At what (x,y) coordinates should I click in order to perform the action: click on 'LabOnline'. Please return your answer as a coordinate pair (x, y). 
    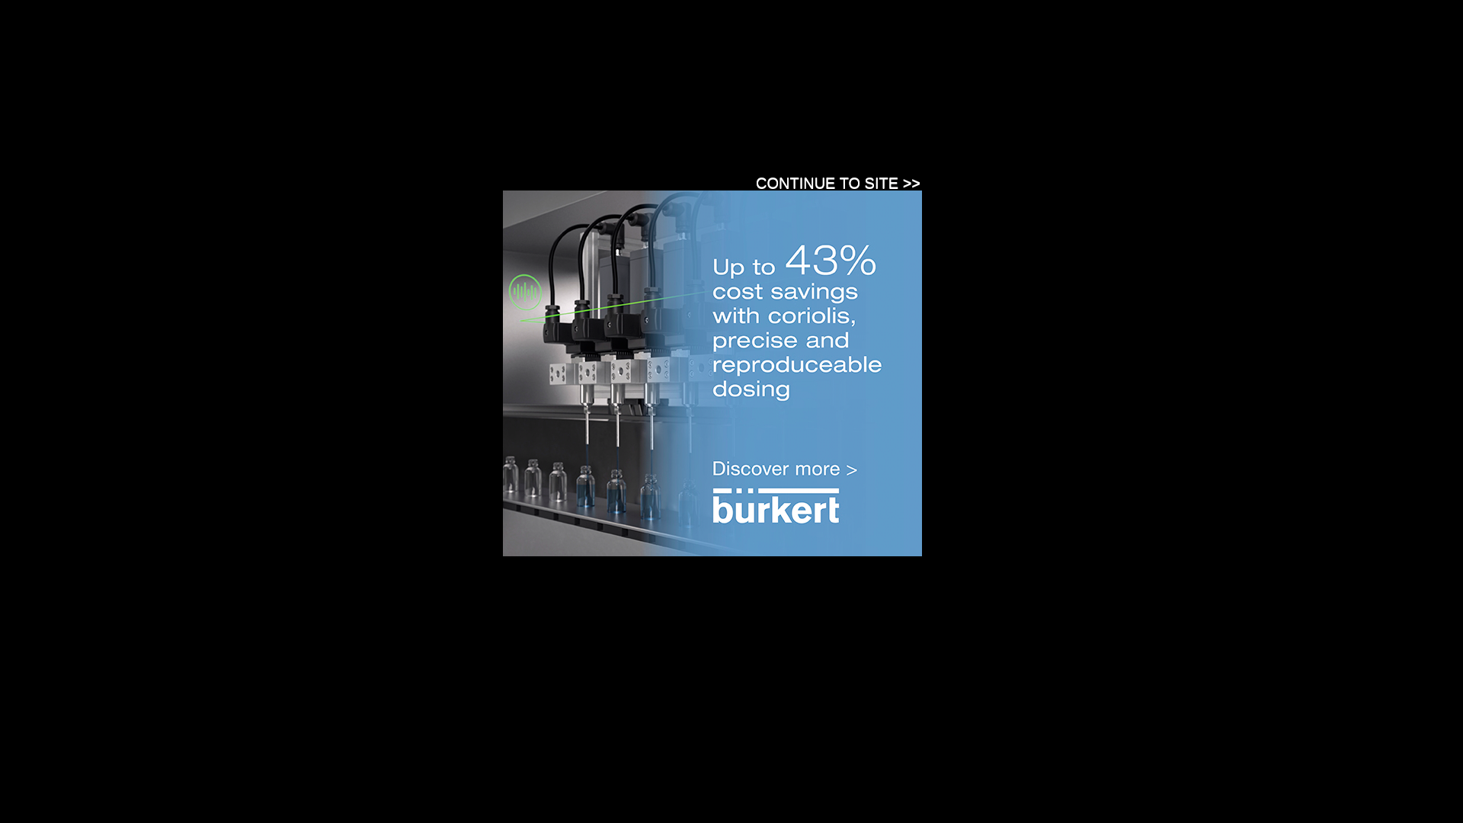
    Looking at the image, I should click on (411, 64).